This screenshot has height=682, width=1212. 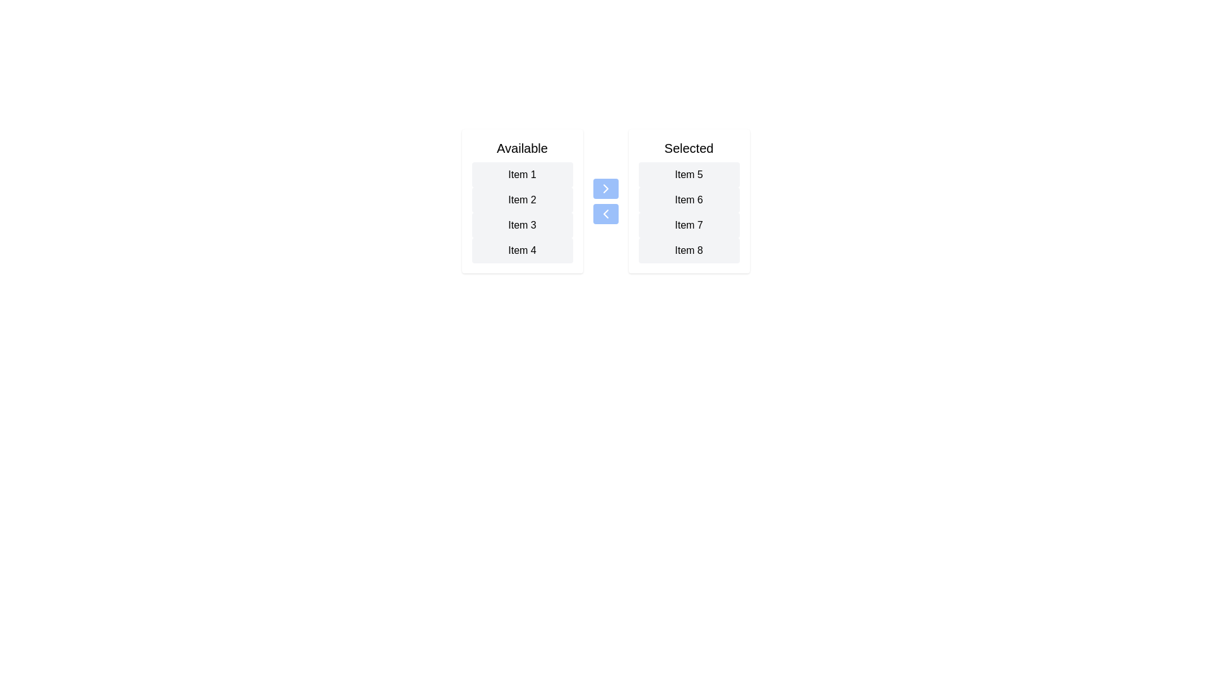 What do you see at coordinates (522, 175) in the screenshot?
I see `the first non-interactive list item in the 'Available' panel` at bounding box center [522, 175].